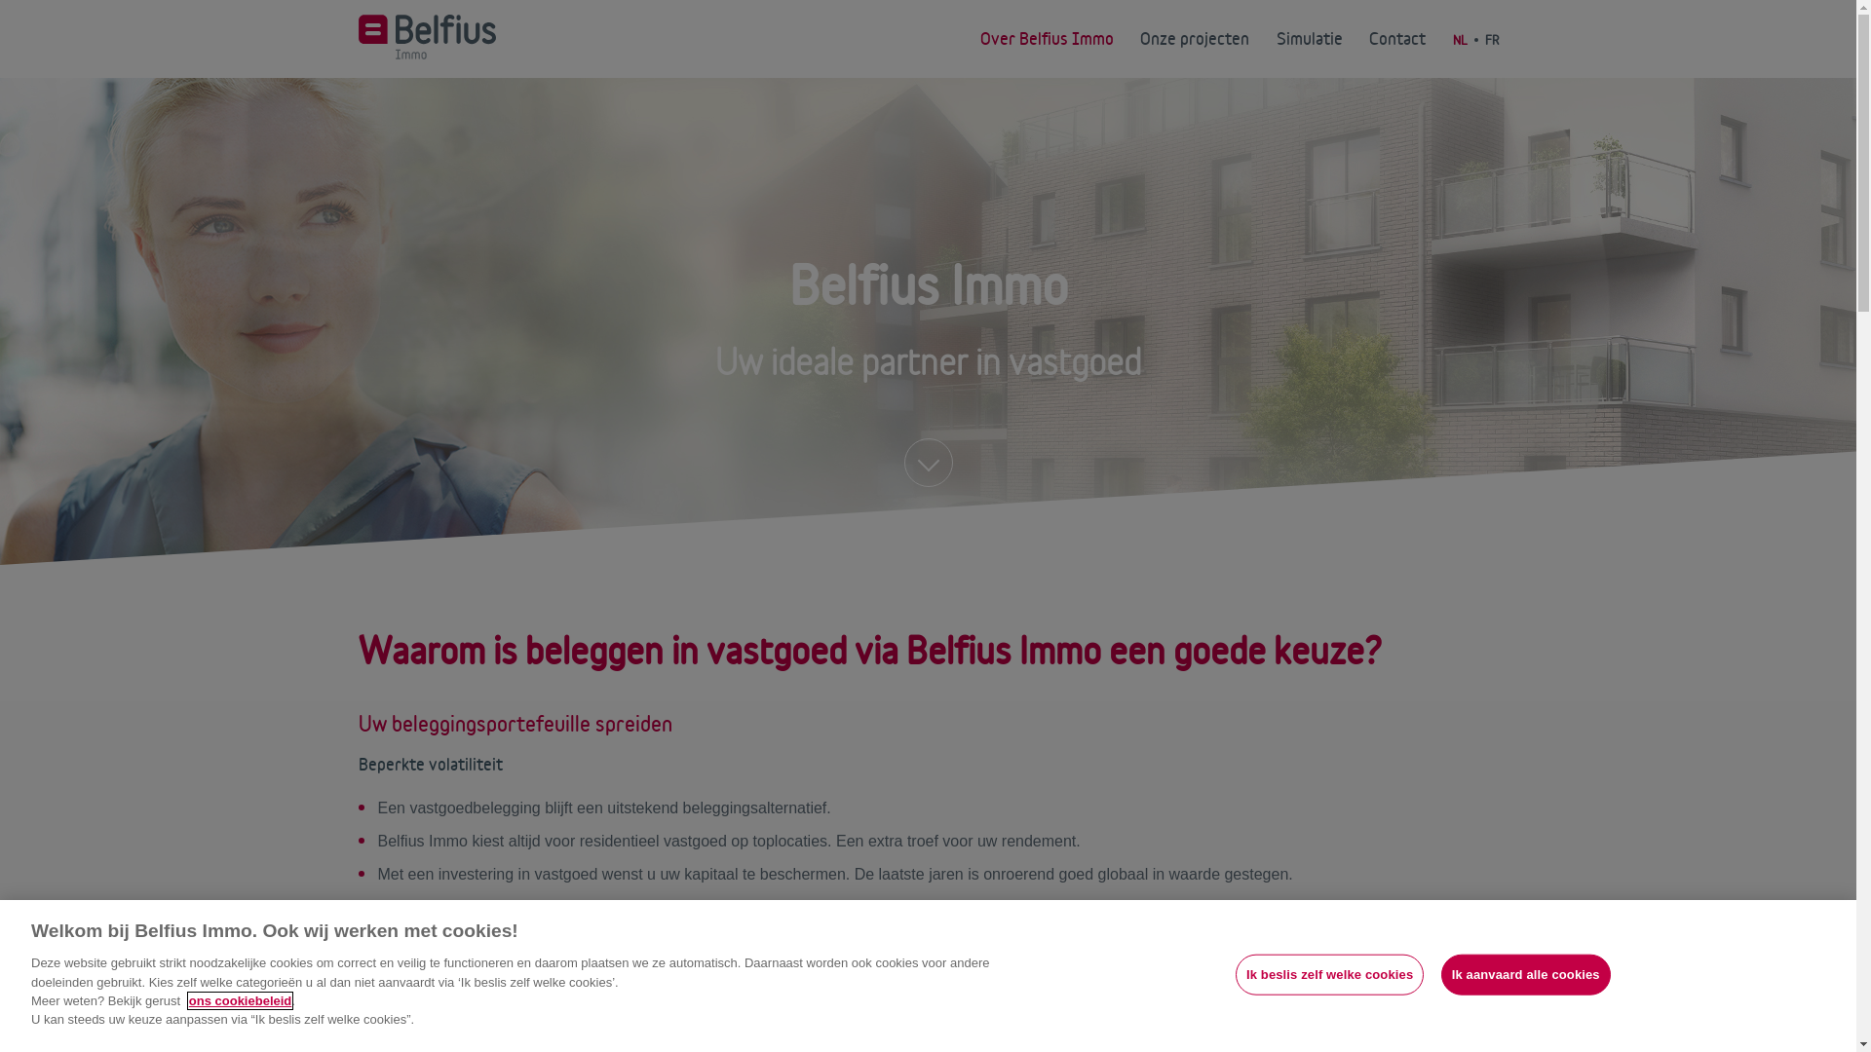  Describe the element at coordinates (1310, 38) in the screenshot. I see `'Simulatie'` at that location.